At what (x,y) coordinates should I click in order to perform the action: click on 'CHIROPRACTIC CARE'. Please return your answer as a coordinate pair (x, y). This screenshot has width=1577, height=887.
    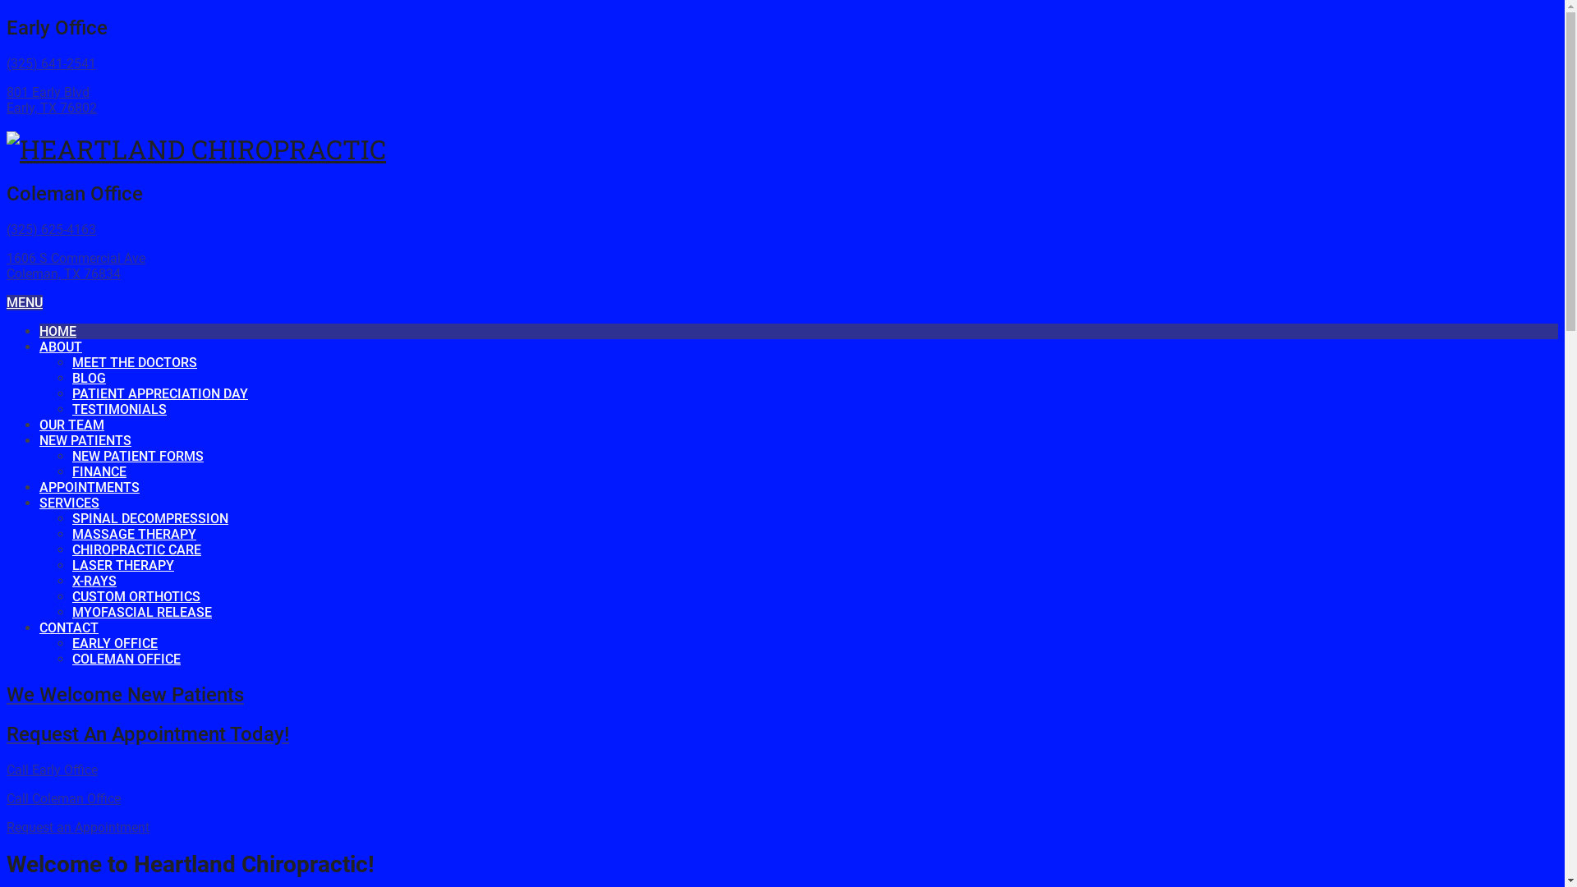
    Looking at the image, I should click on (71, 549).